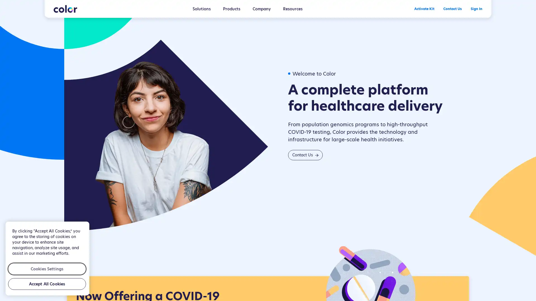  Describe the element at coordinates (47, 284) in the screenshot. I see `Accept All Cookies` at that location.